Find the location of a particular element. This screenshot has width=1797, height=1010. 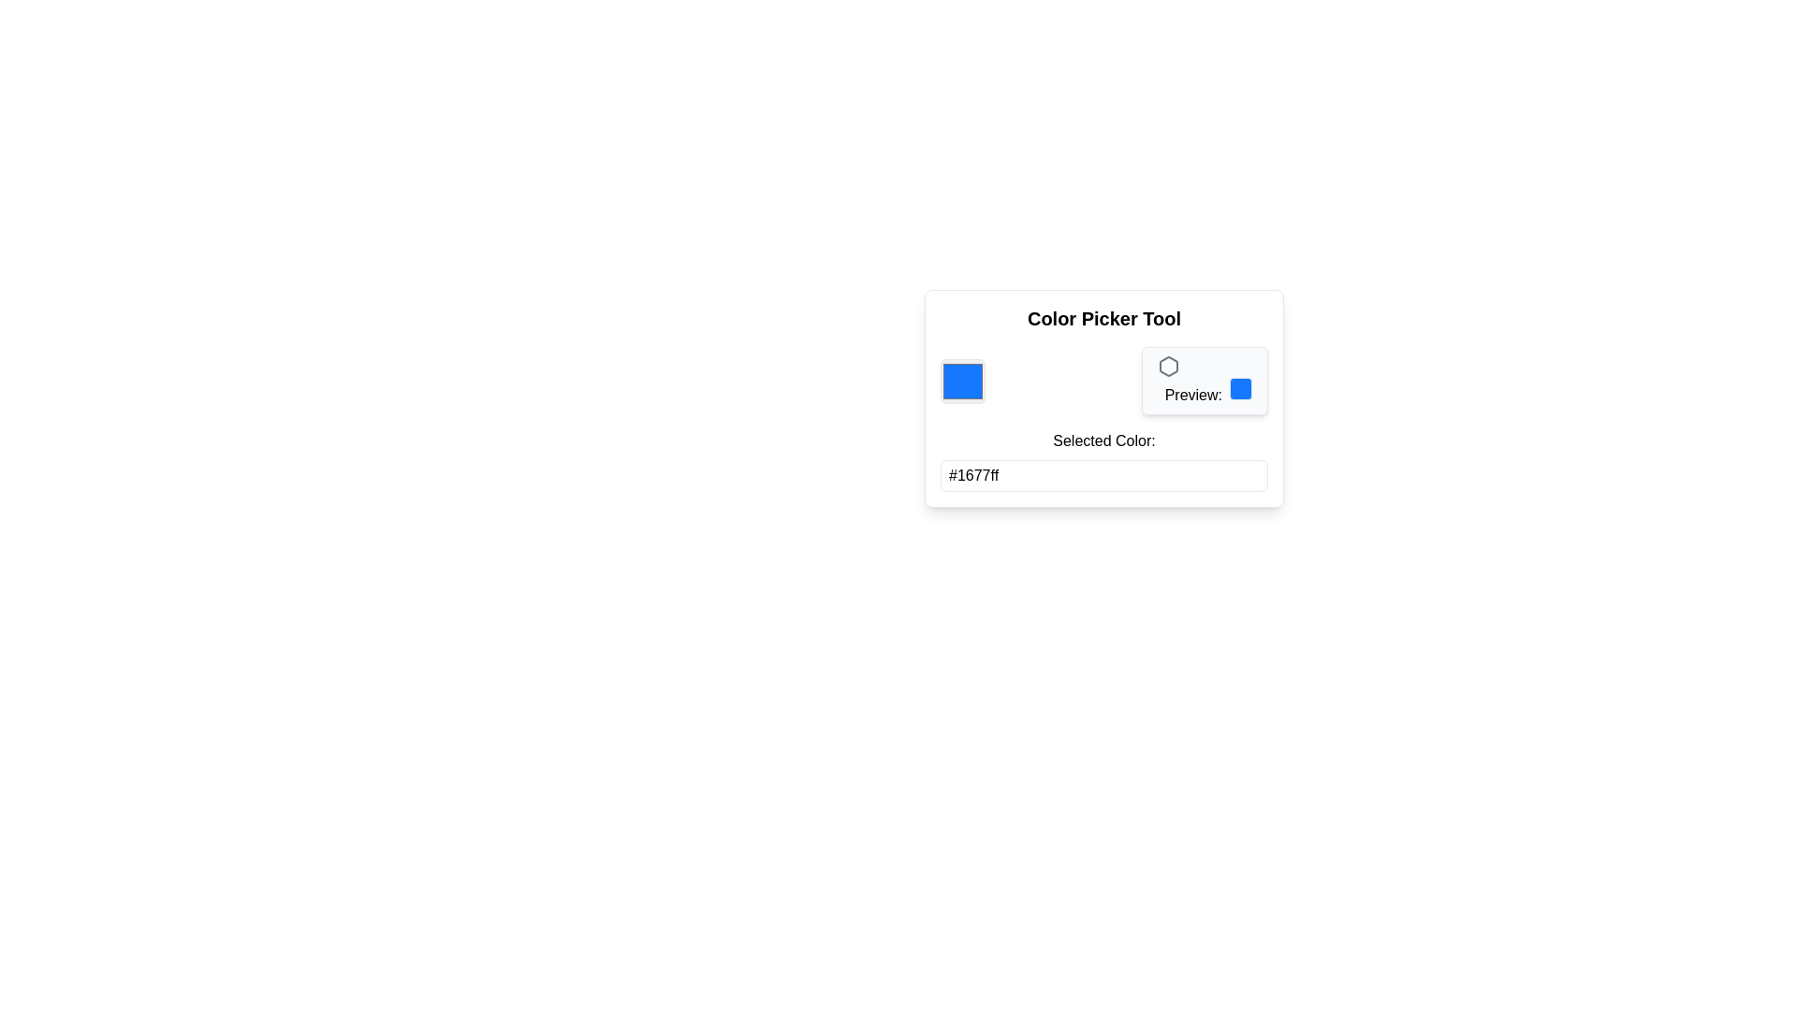

the hexagonal icon located in the 'Preview' section, adjacent to a blue color swatch is located at coordinates (1167, 367).